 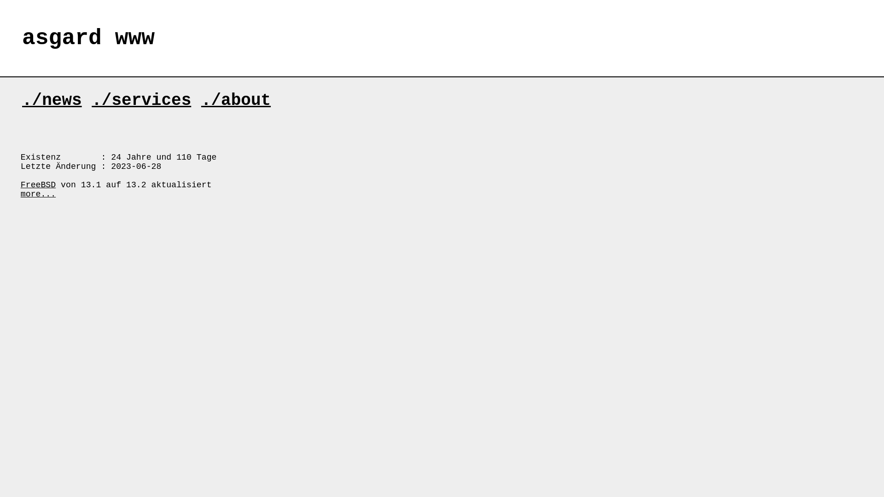 I want to click on './services', so click(x=141, y=100).